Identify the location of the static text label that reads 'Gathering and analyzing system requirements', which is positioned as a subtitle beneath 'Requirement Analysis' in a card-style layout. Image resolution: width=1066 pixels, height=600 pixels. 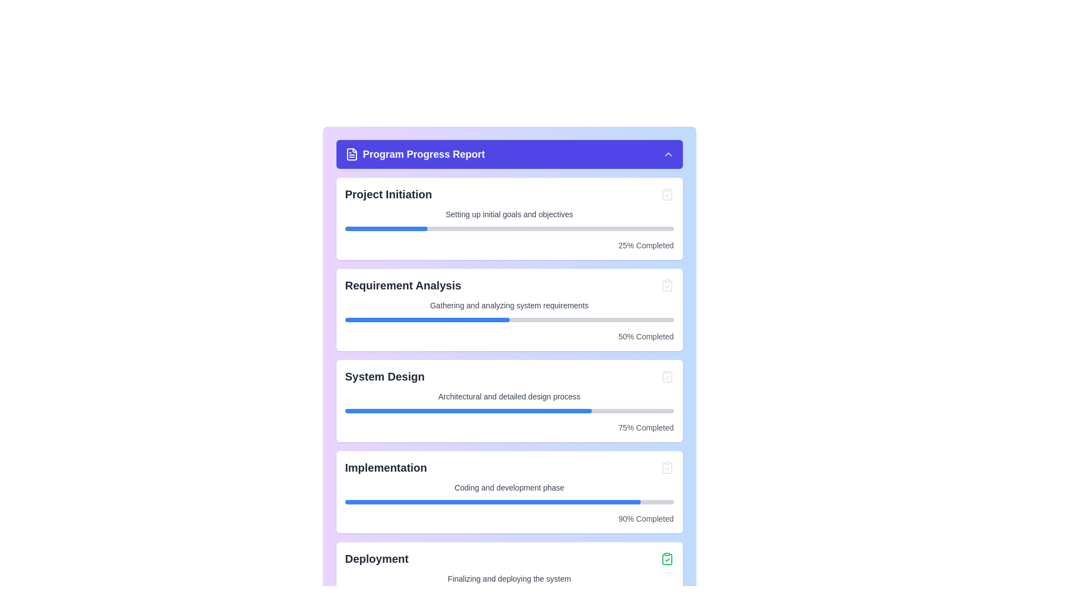
(509, 306).